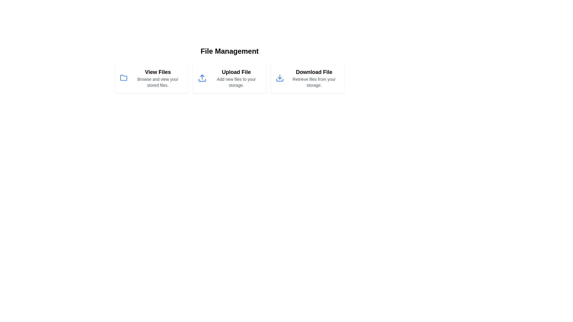  Describe the element at coordinates (229, 78) in the screenshot. I see `the 'Upload File' section of the grid menu, which contains a blue upload arrow icon and the heading 'Upload File'` at that location.